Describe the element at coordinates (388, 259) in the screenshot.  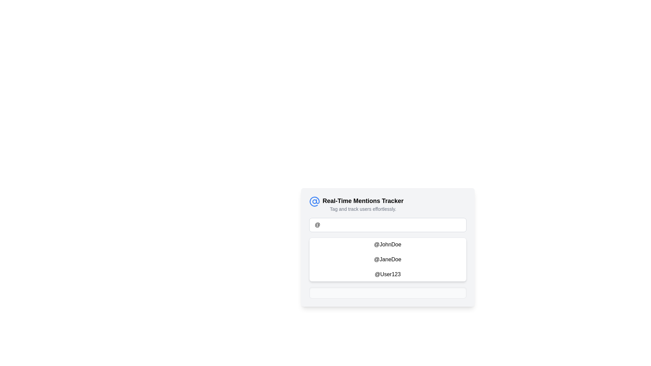
I see `the selectable text item displaying the username '@JaneDoe'` at that location.